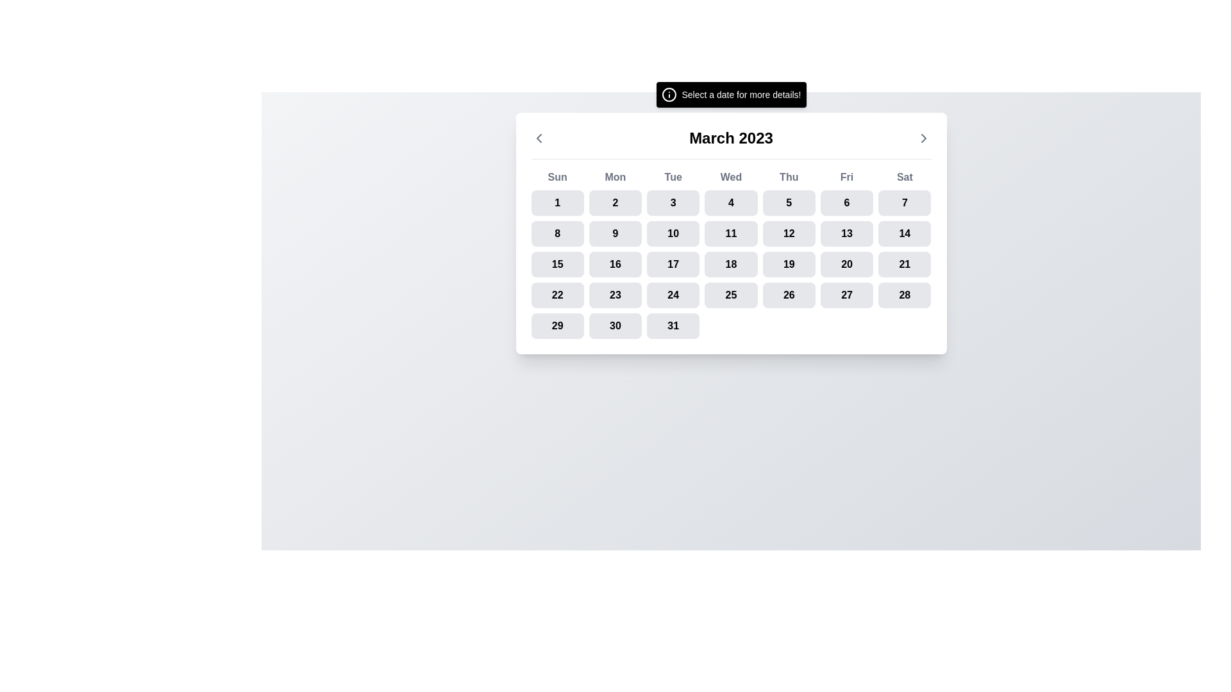  What do you see at coordinates (557, 325) in the screenshot?
I see `the rounded rectangular button with a light gray background and the text '29' centered inside` at bounding box center [557, 325].